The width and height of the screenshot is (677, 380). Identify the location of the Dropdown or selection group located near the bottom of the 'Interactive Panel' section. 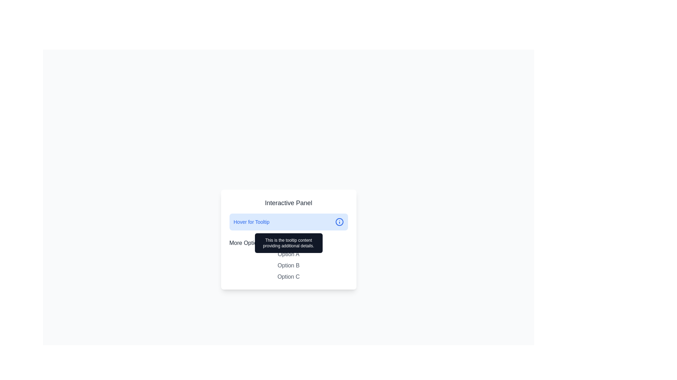
(288, 260).